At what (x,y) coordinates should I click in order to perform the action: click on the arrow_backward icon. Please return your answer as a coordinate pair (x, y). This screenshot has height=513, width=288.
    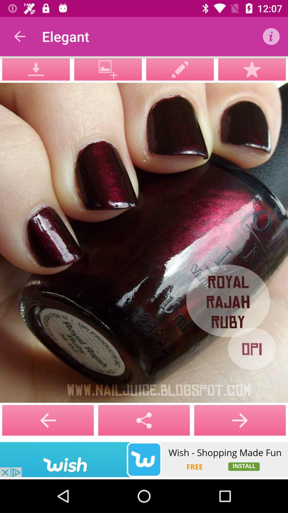
    Looking at the image, I should click on (144, 420).